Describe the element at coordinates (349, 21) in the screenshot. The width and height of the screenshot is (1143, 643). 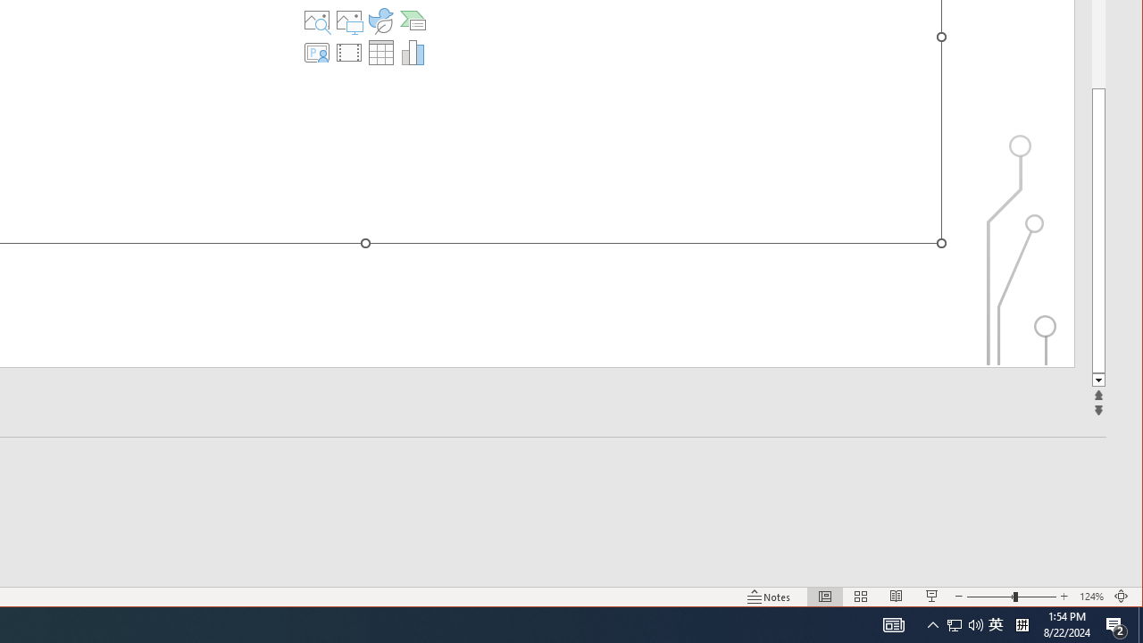
I see `'Pictures'` at that location.